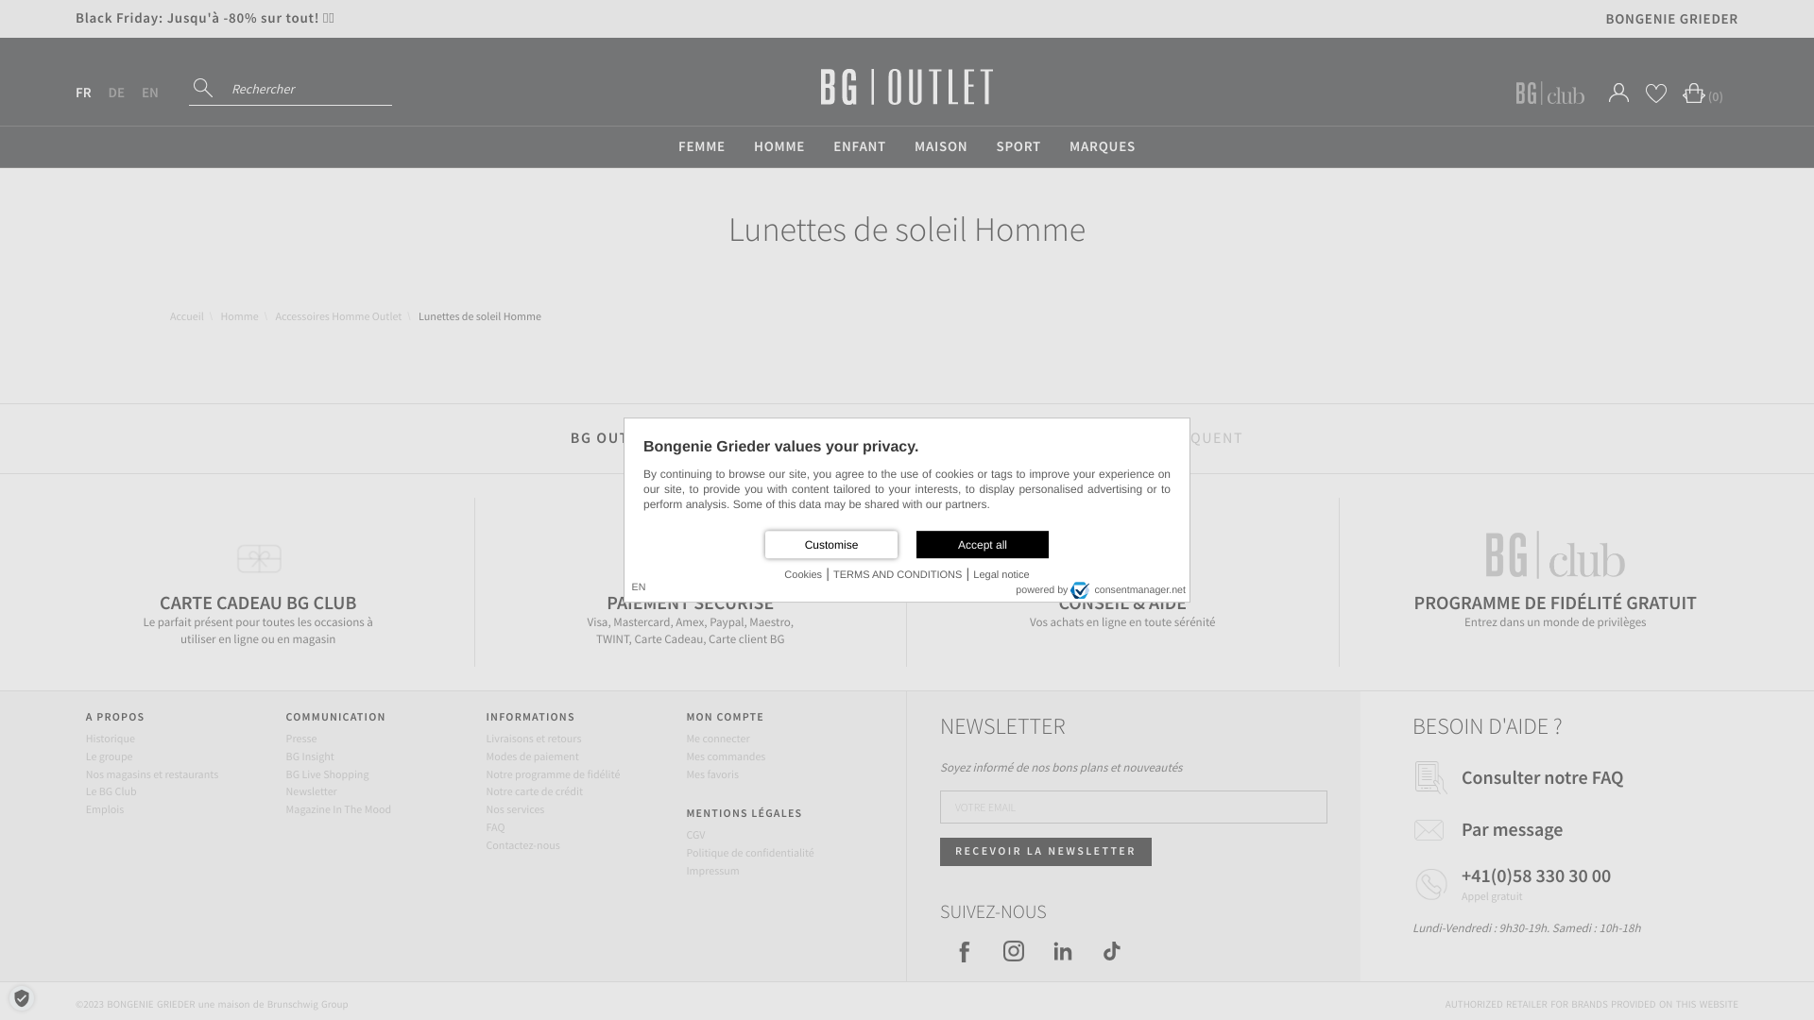  What do you see at coordinates (109, 738) in the screenshot?
I see `'Historique'` at bounding box center [109, 738].